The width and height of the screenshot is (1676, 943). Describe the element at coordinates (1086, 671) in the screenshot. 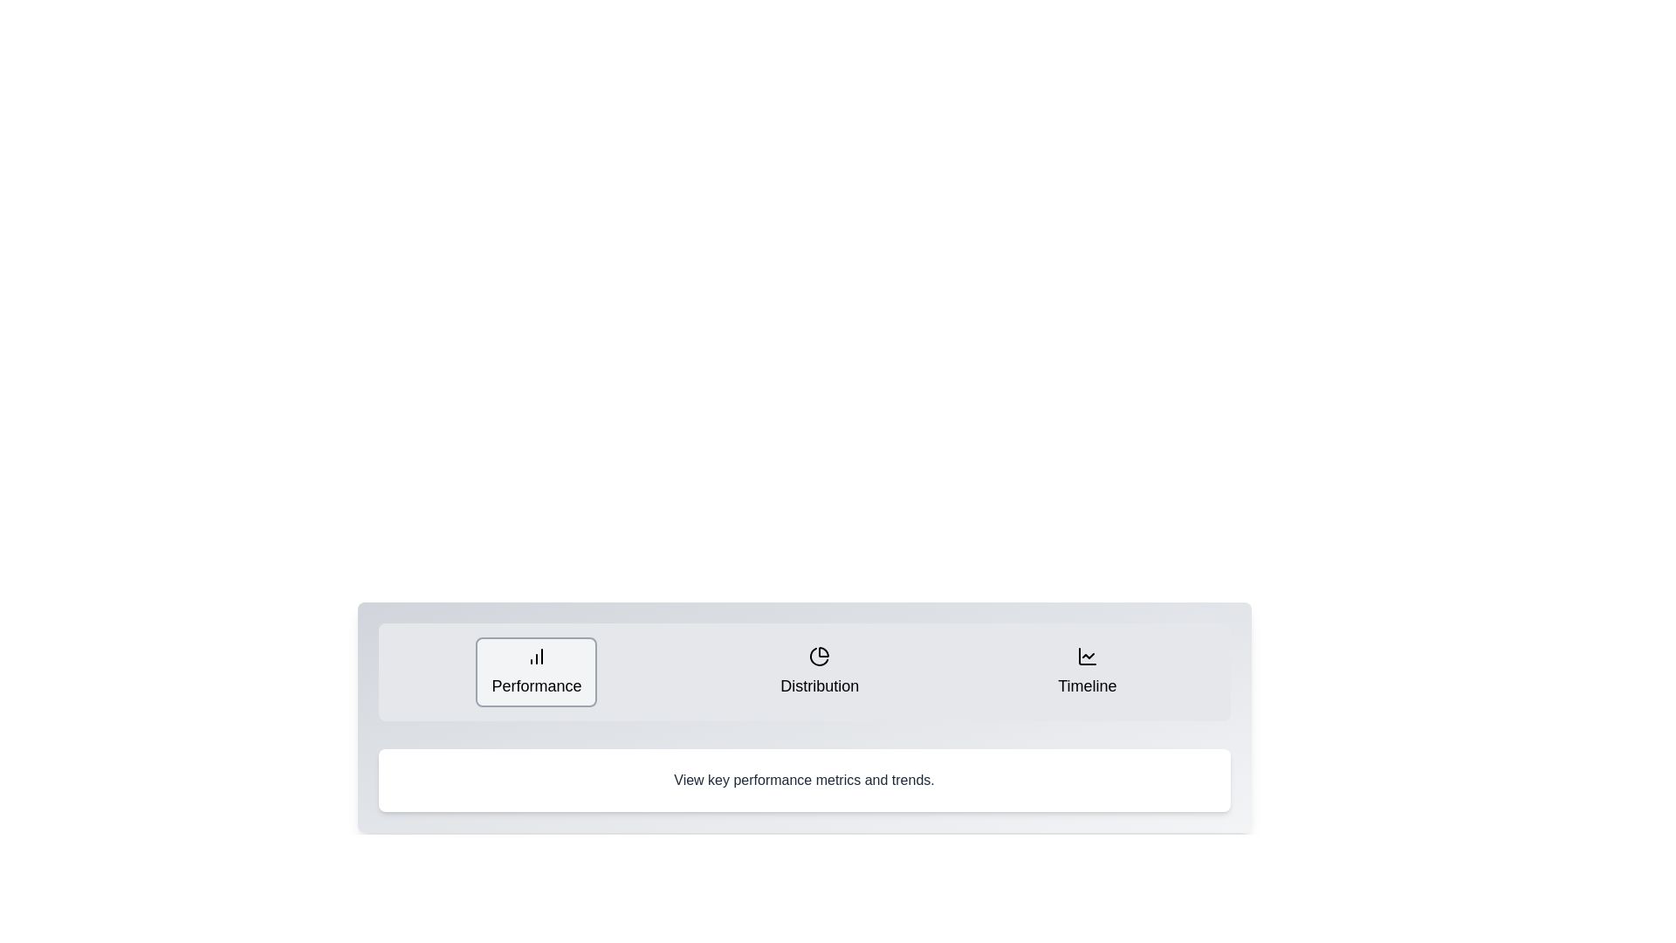

I see `the Timeline tab` at that location.